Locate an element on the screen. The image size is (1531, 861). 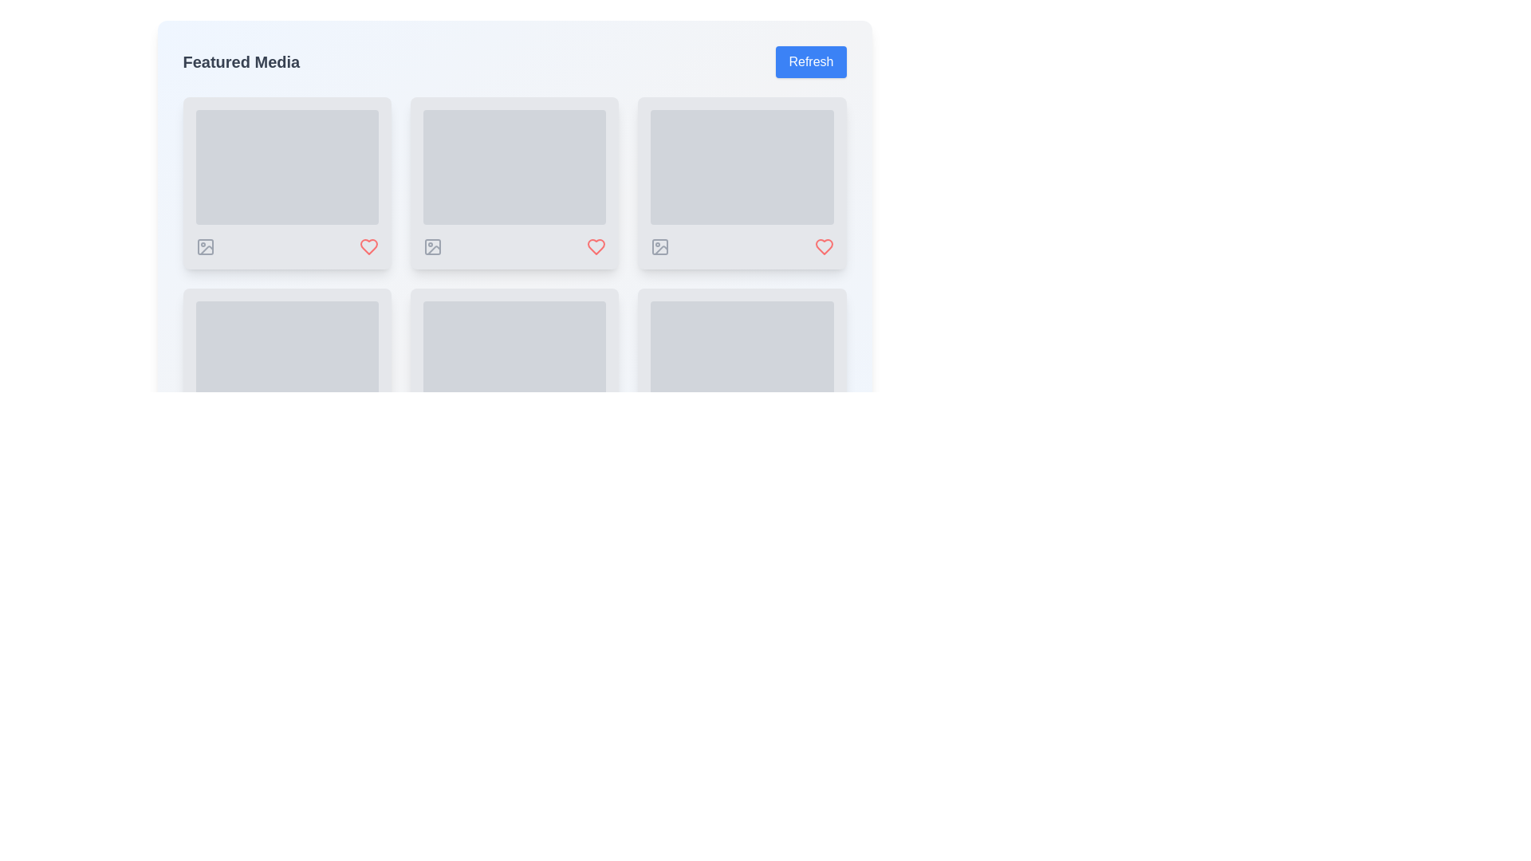
the heart icon located in the bottom-right corner of the third card in the grid layout is located at coordinates (596, 246).